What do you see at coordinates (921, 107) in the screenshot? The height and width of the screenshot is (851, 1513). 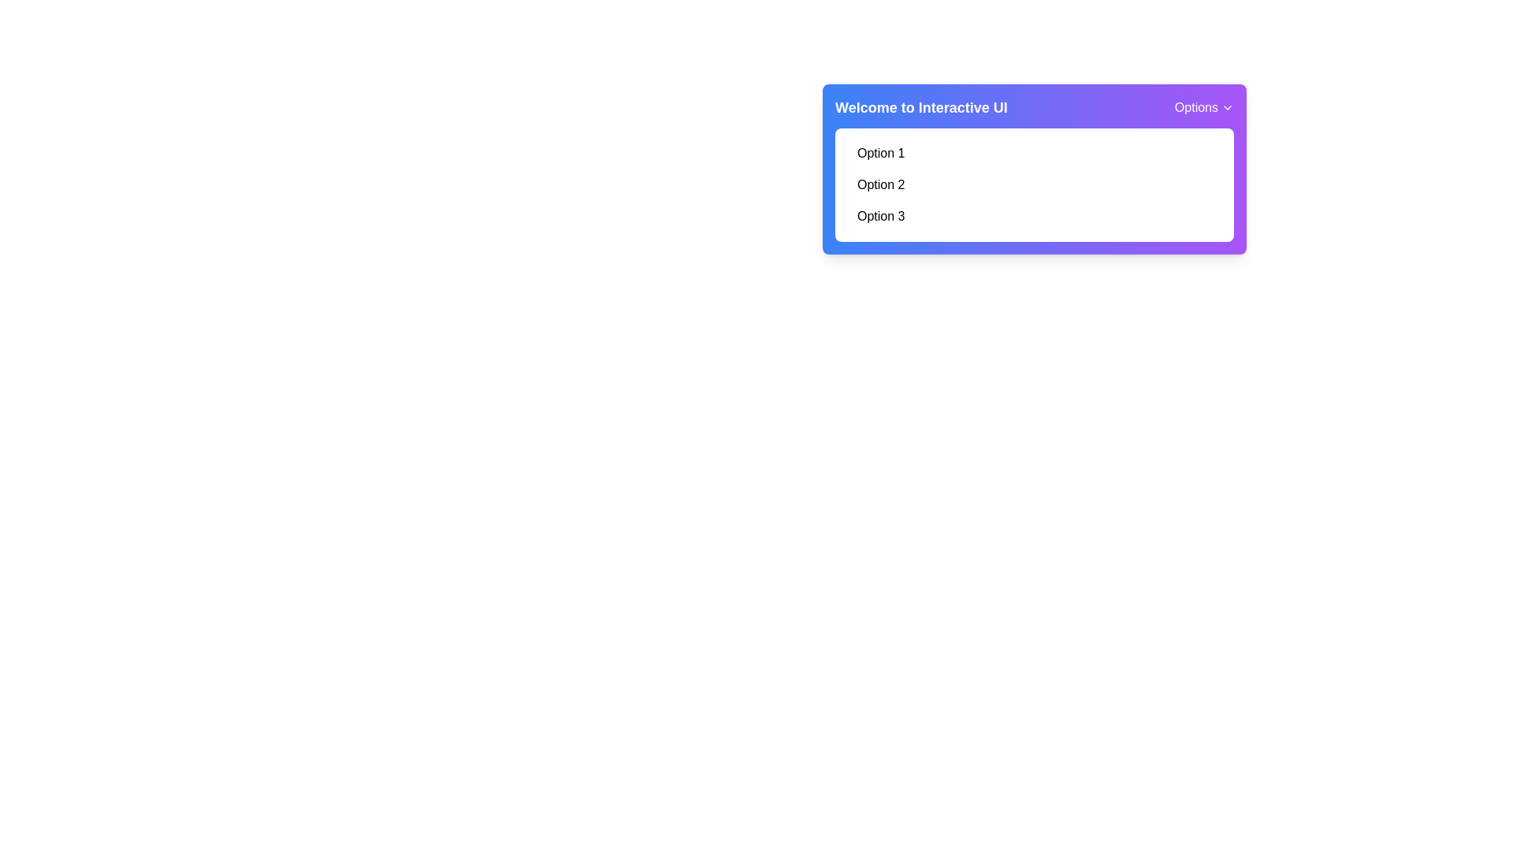 I see `static text element displaying 'Welcome to Interactive UI' located in the upper-left section of the header bar with a blue to purple gradient background` at bounding box center [921, 107].